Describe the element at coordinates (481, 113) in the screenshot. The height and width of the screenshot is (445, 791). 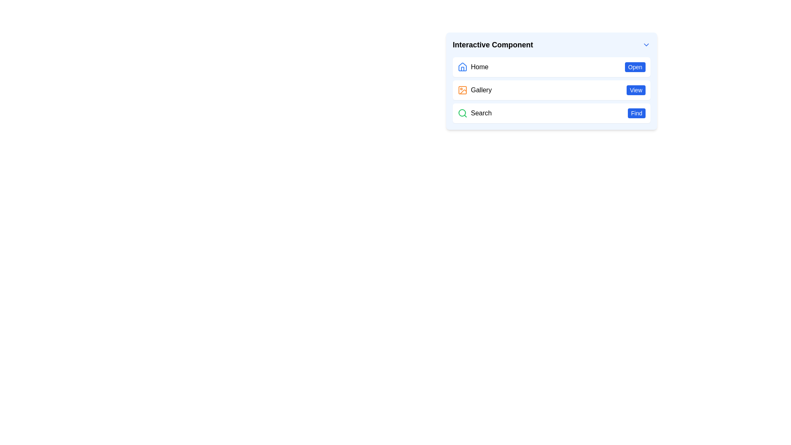
I see `the static text label displaying the word 'Search', which is positioned between a green magnifying glass icon and a blue 'Find' button` at that location.